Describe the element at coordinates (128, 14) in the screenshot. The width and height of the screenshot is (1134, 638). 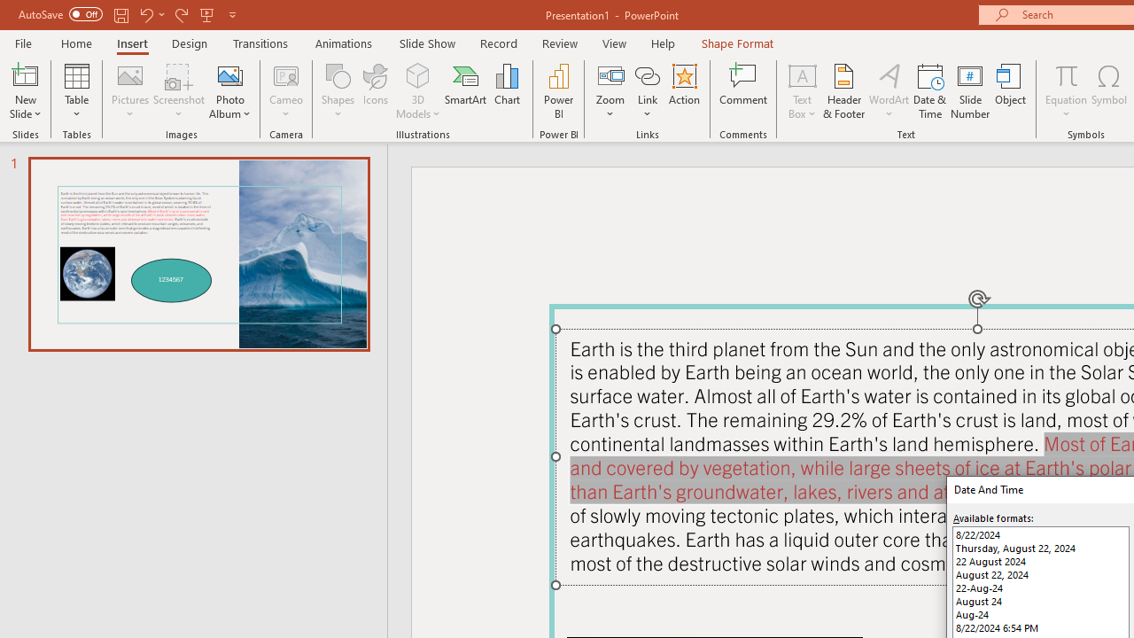
I see `'Quick Access Toolbar'` at that location.